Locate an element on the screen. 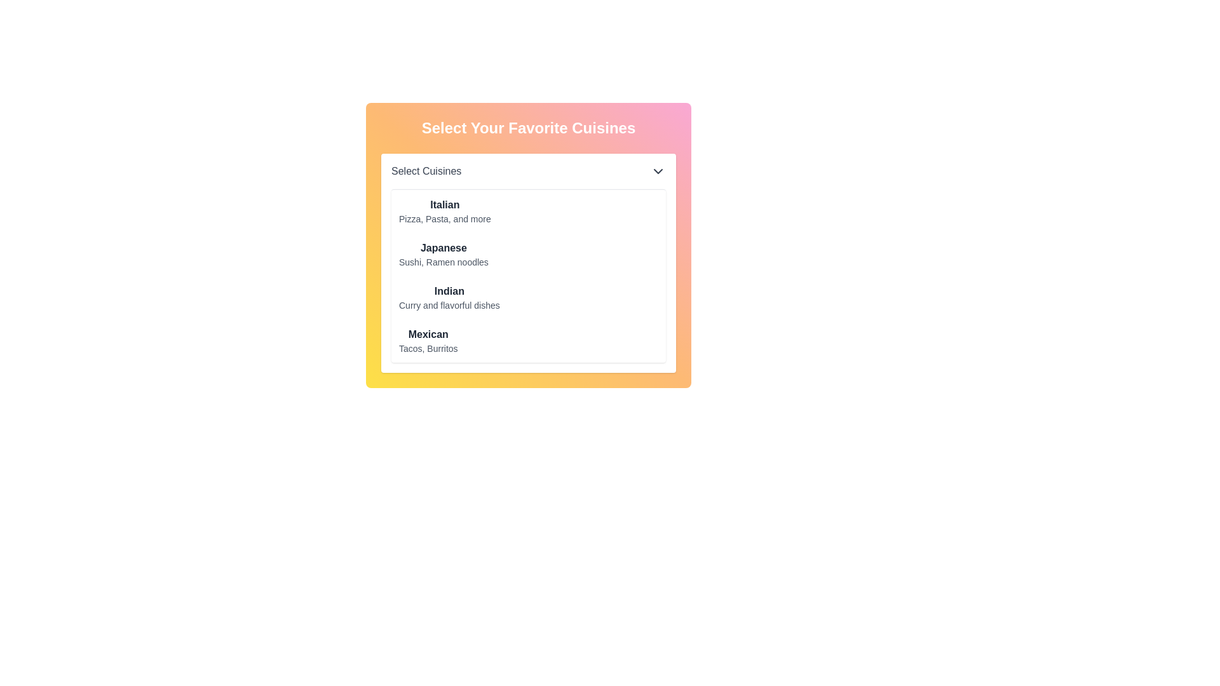 The height and width of the screenshot is (686, 1220). the selectable list item for 'Japanese' cuisine, which is the second option in the list is located at coordinates (528, 245).